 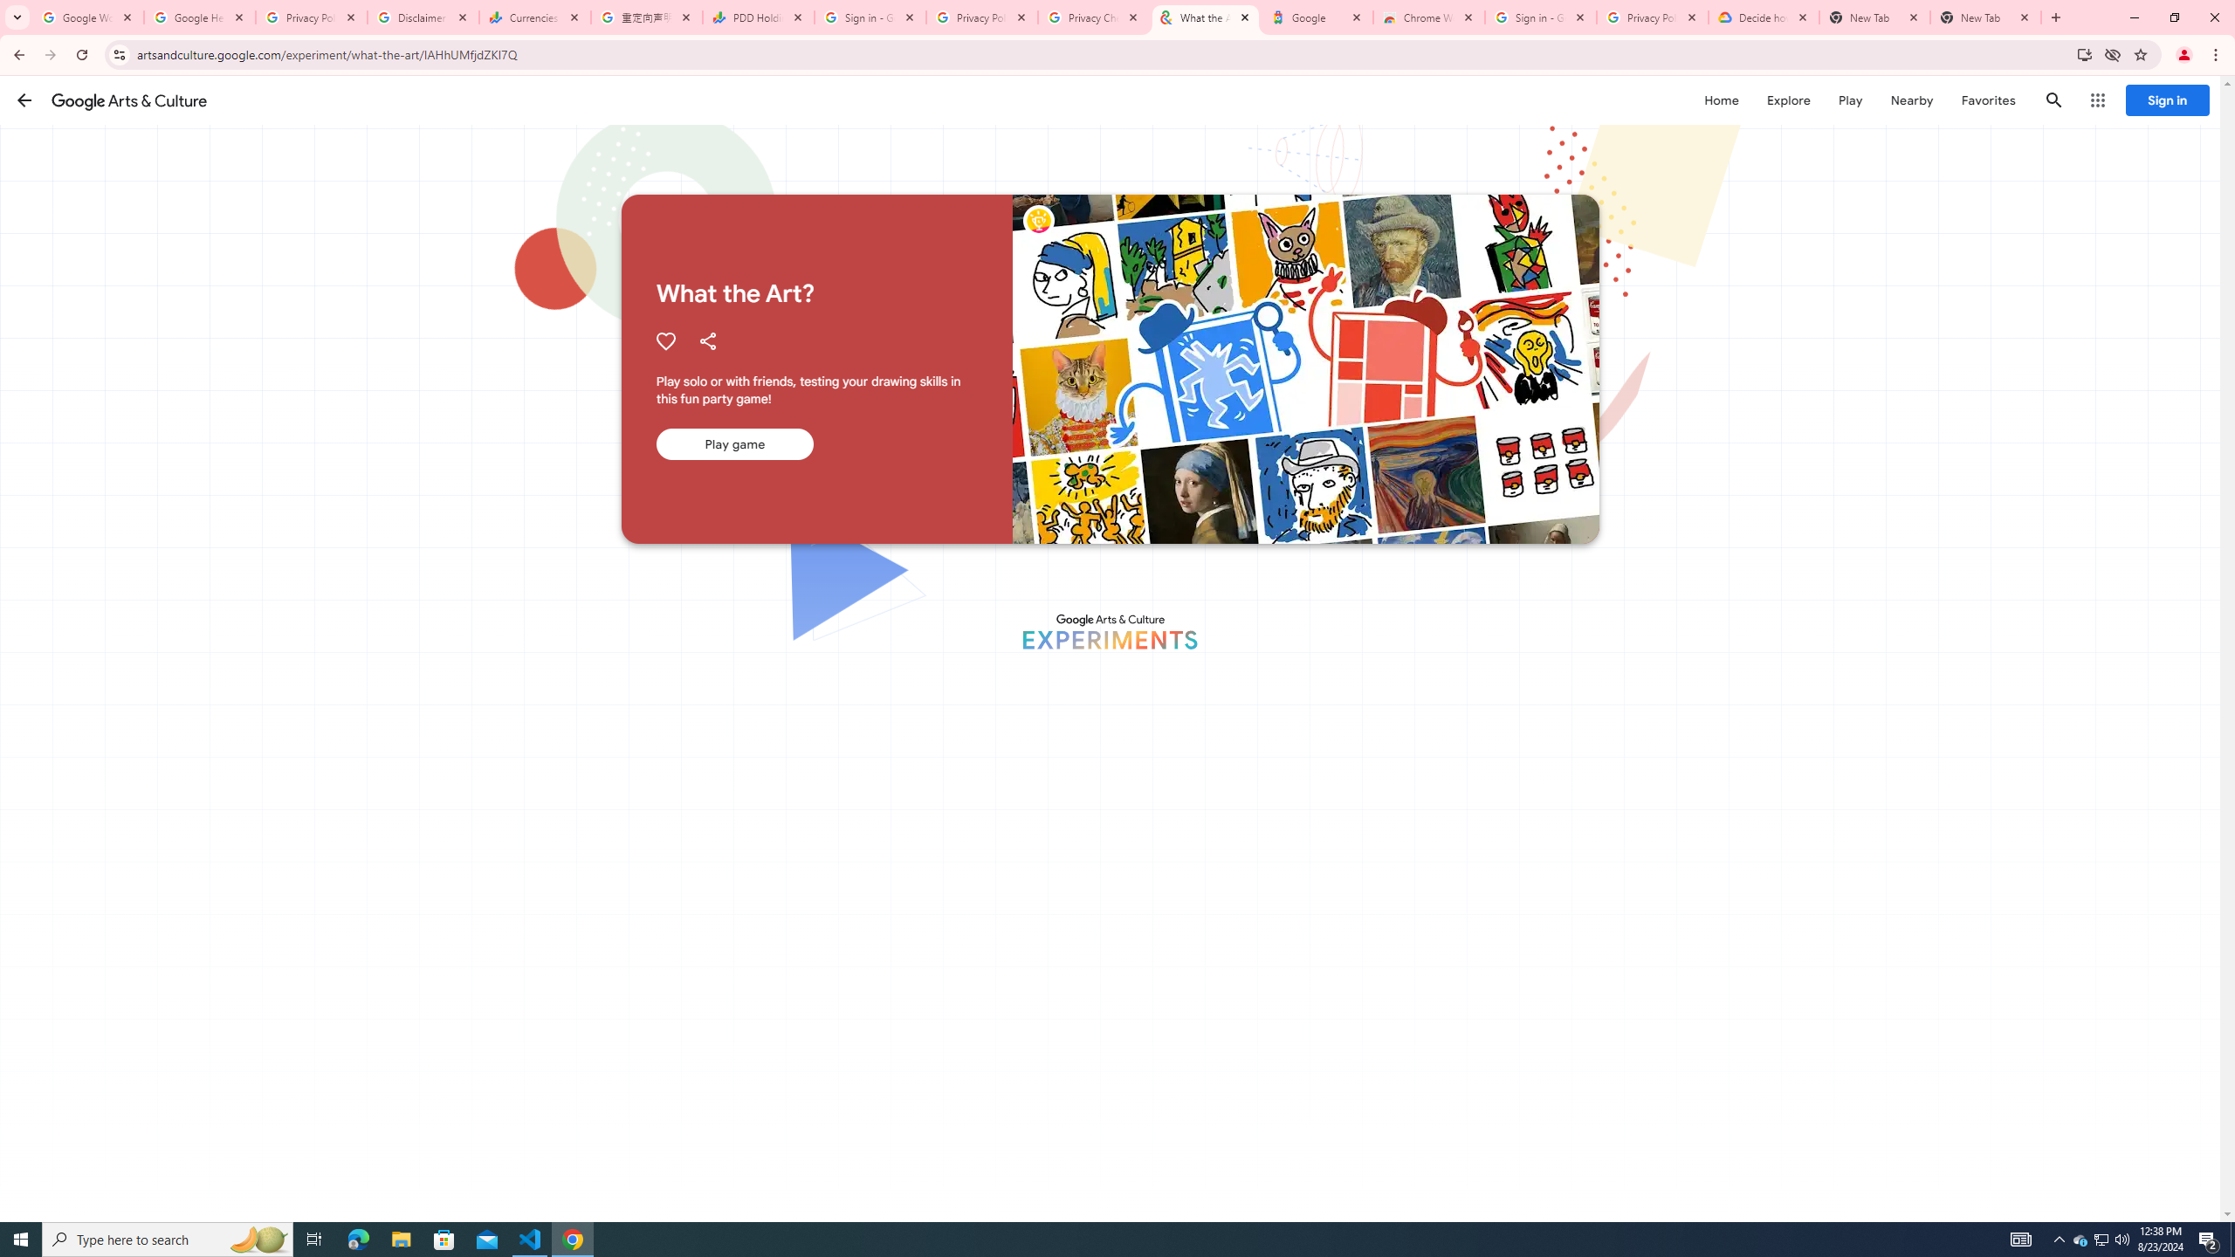 What do you see at coordinates (1428, 17) in the screenshot?
I see `'Chrome Web Store - Color themes by Chrome'` at bounding box center [1428, 17].